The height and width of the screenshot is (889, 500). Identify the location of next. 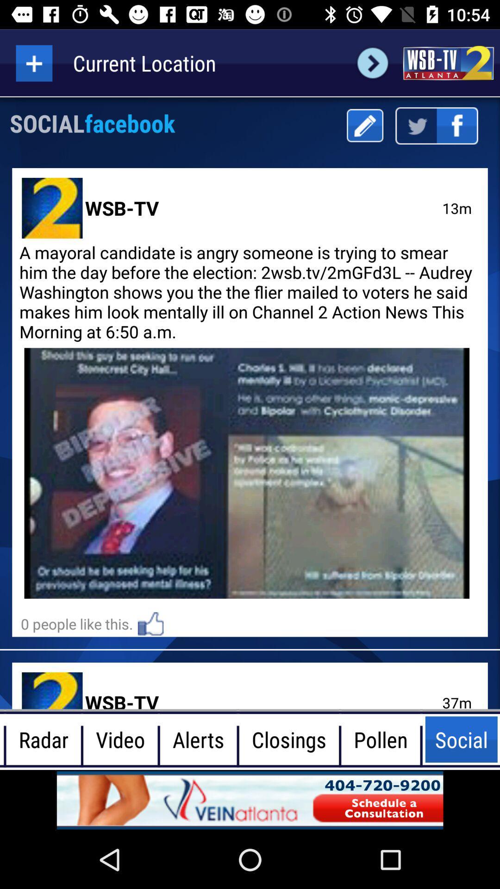
(372, 63).